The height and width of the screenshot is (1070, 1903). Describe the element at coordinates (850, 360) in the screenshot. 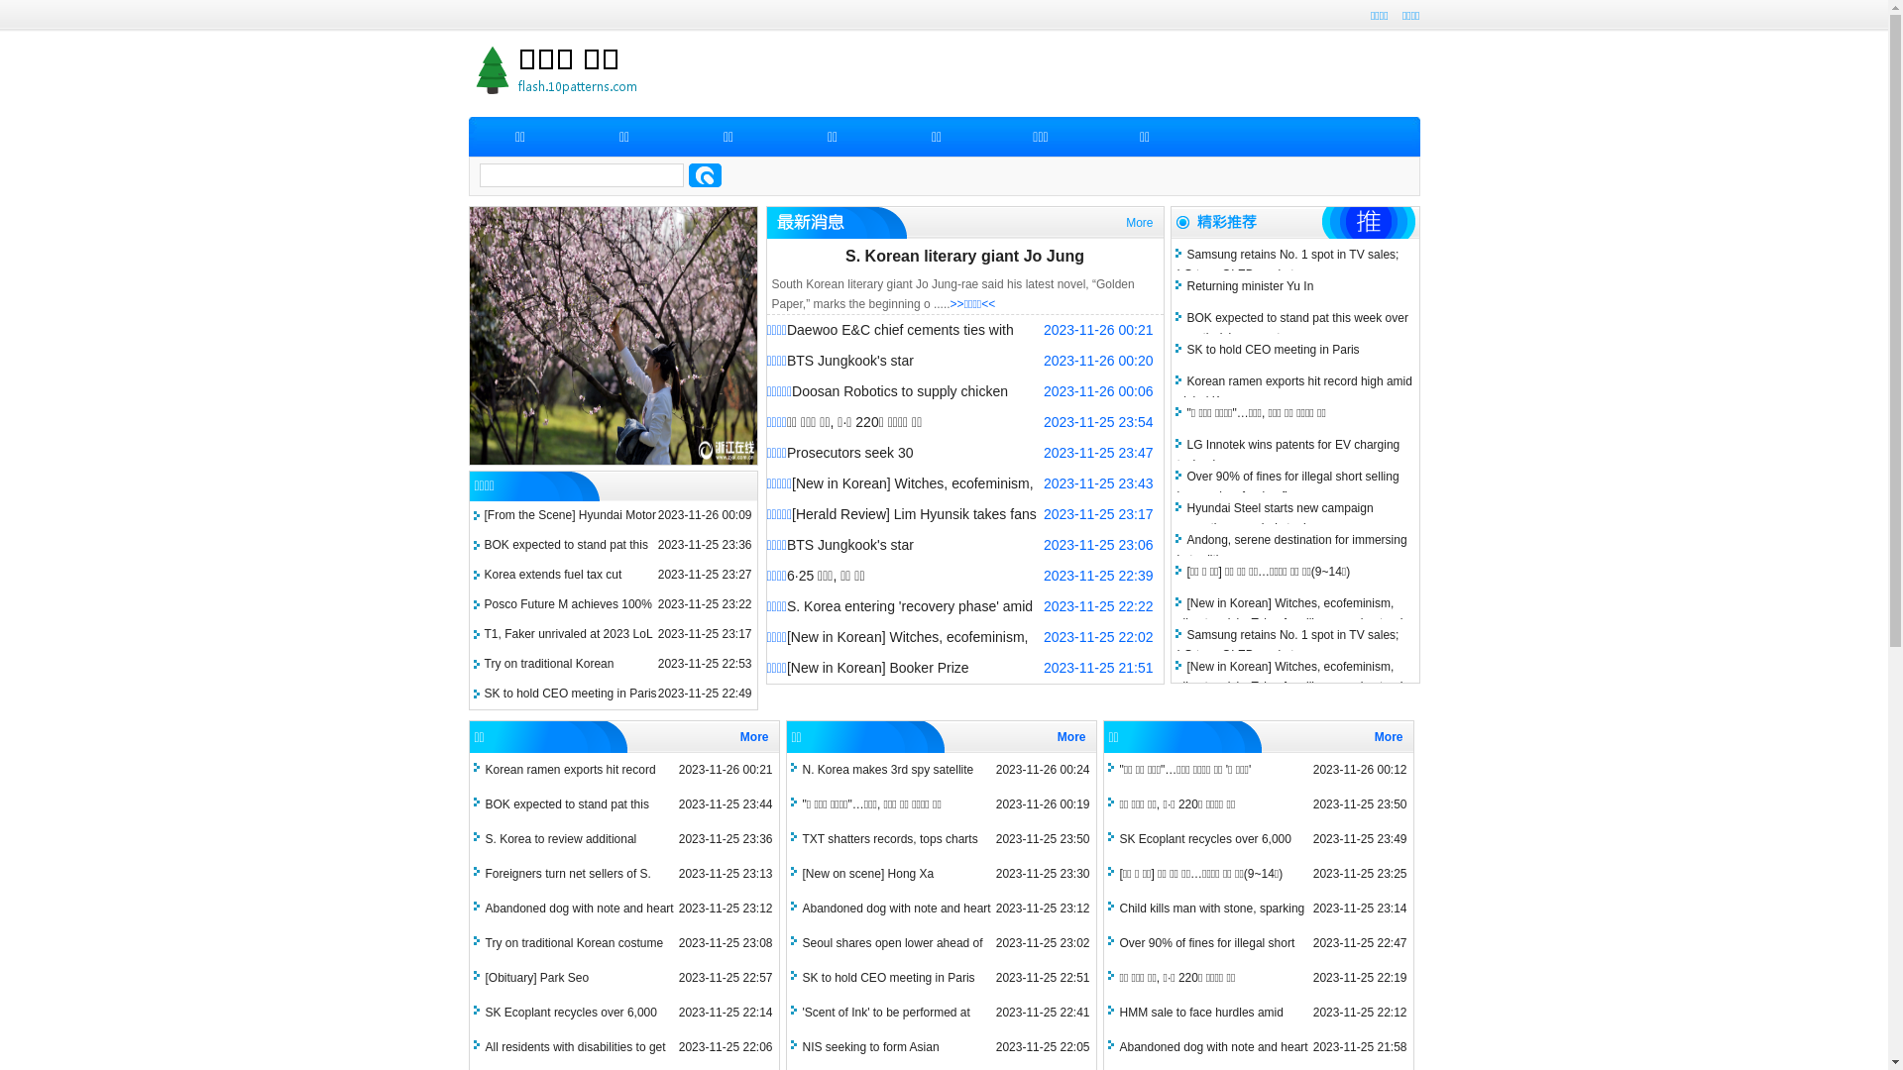

I see `'BTS Jungkook's star'` at that location.